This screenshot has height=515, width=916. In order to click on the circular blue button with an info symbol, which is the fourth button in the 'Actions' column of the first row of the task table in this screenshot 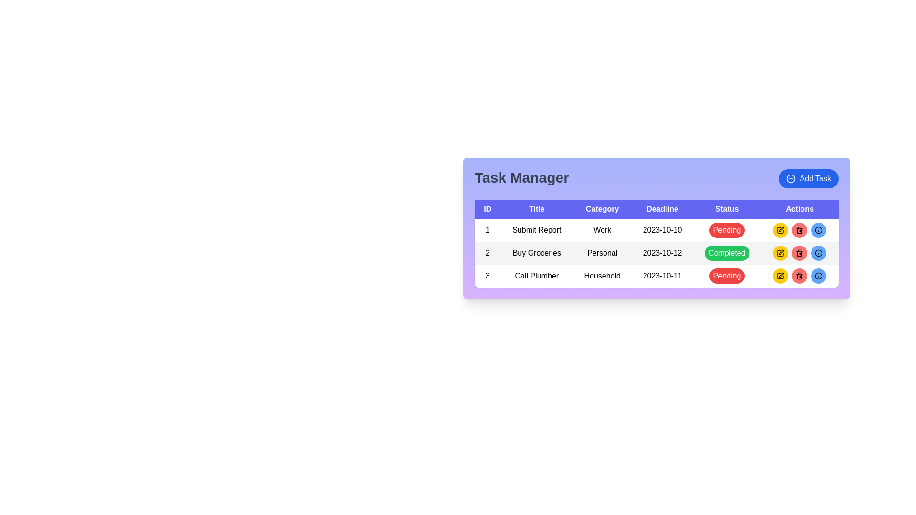, I will do `click(818, 230)`.